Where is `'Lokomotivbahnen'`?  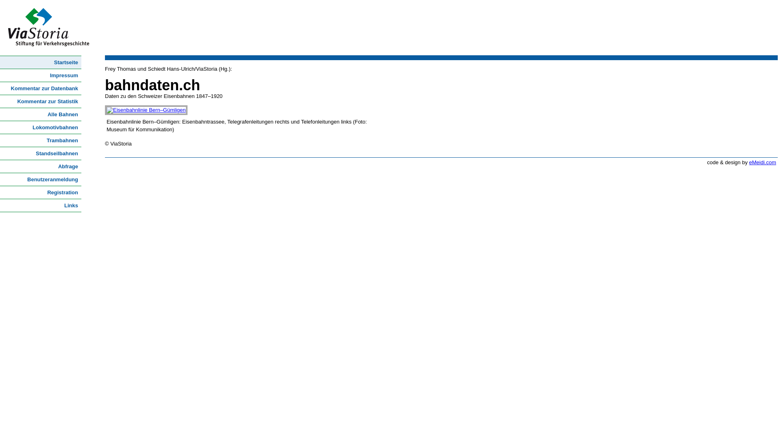 'Lokomotivbahnen' is located at coordinates (0, 127).